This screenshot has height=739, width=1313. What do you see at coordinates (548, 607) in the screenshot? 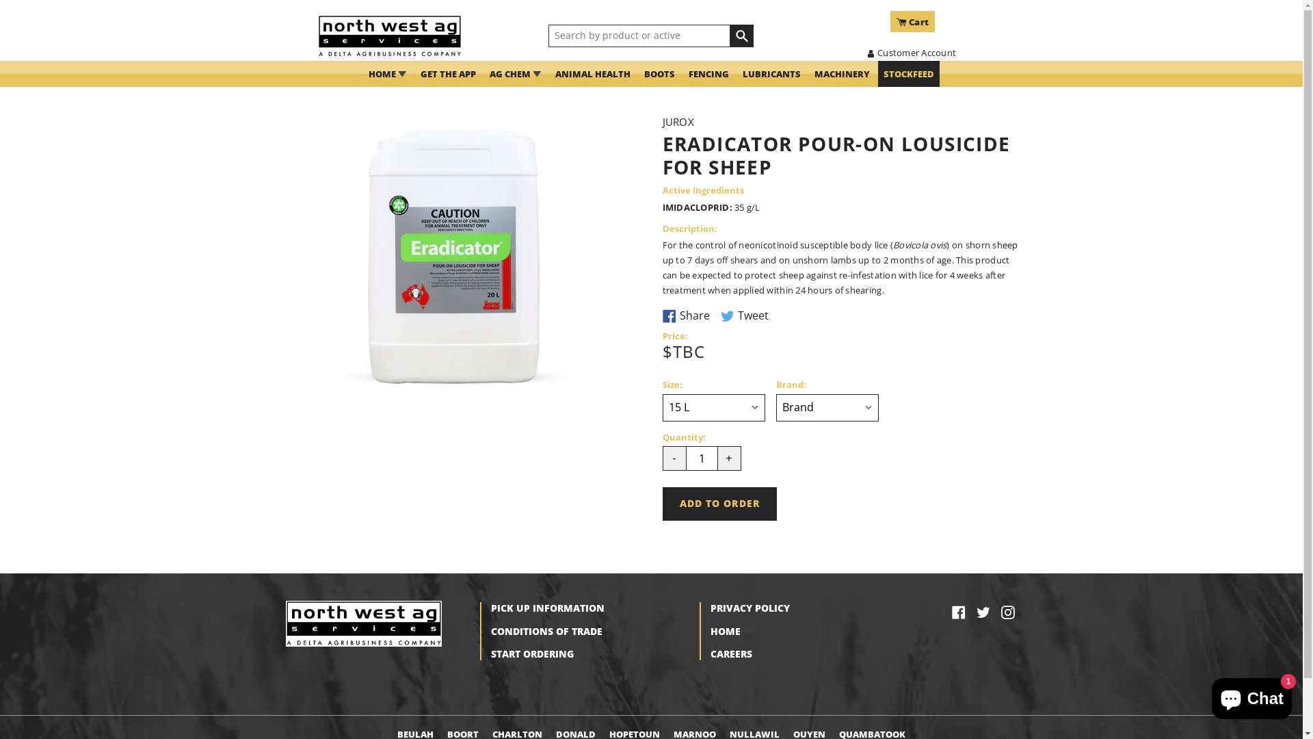
I see `'PICK UP INFORMATION'` at bounding box center [548, 607].